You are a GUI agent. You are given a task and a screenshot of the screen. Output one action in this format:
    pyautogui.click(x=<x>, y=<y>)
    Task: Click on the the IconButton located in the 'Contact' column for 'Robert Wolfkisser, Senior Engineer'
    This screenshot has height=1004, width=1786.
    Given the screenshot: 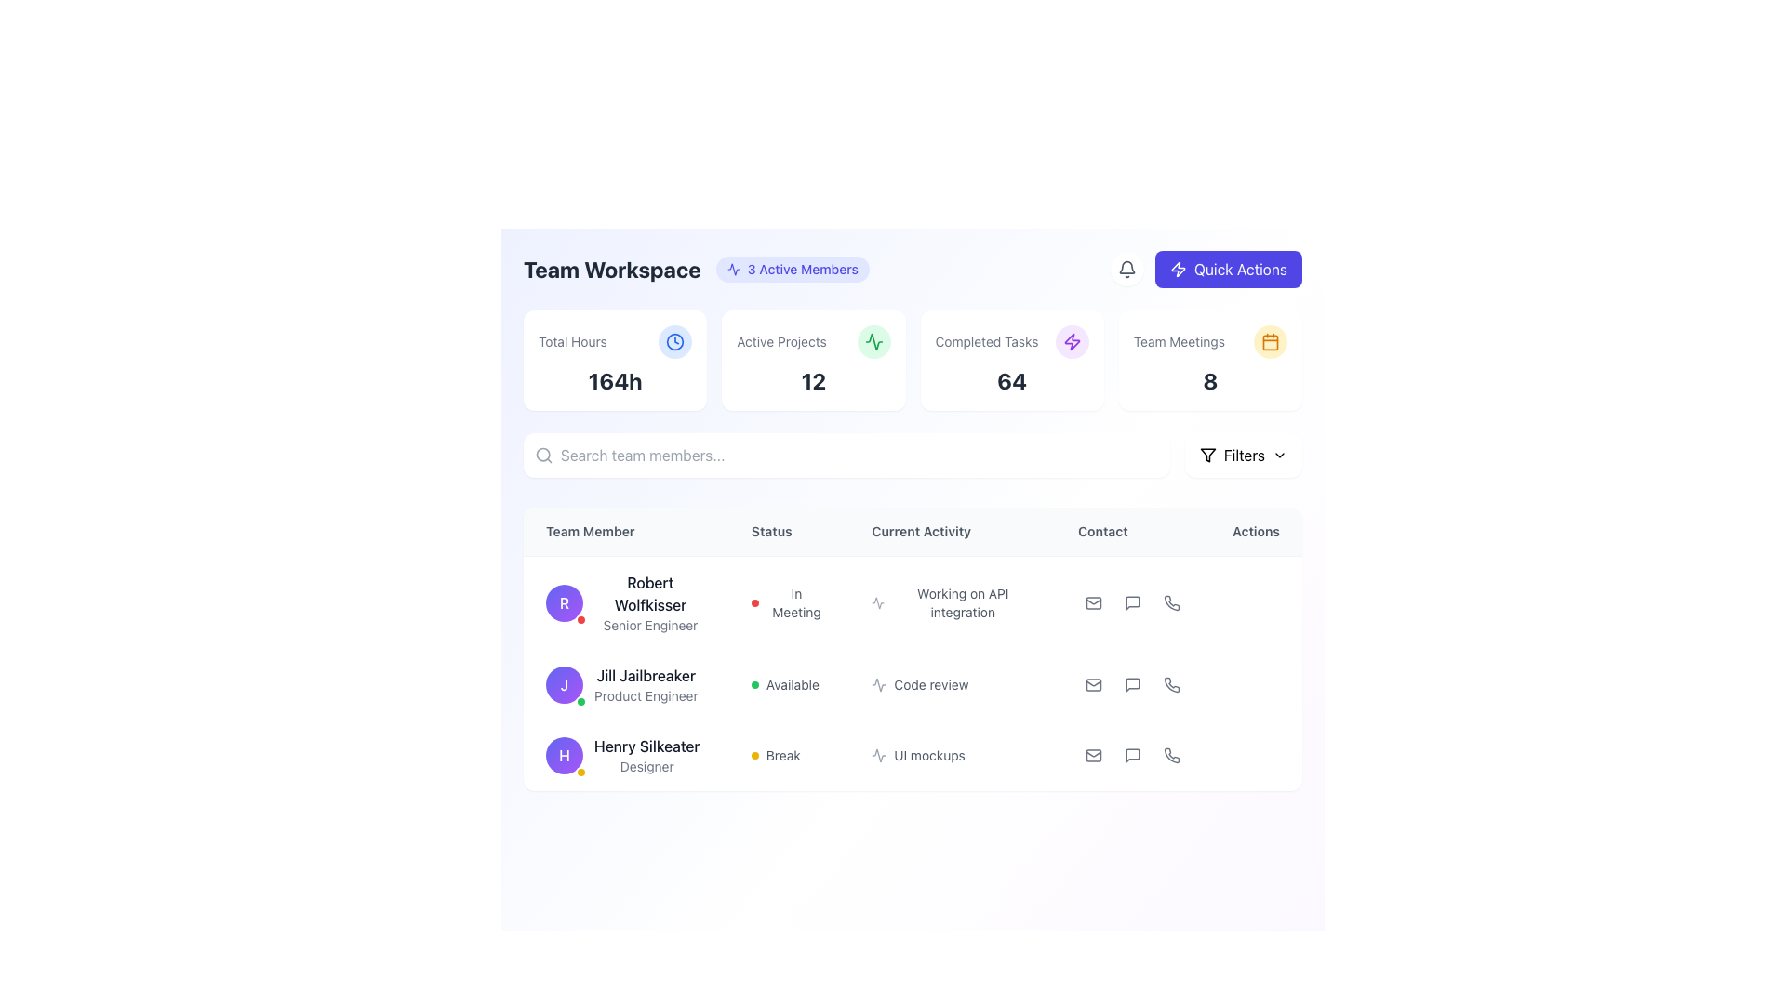 What is the action you would take?
    pyautogui.click(x=1132, y=602)
    